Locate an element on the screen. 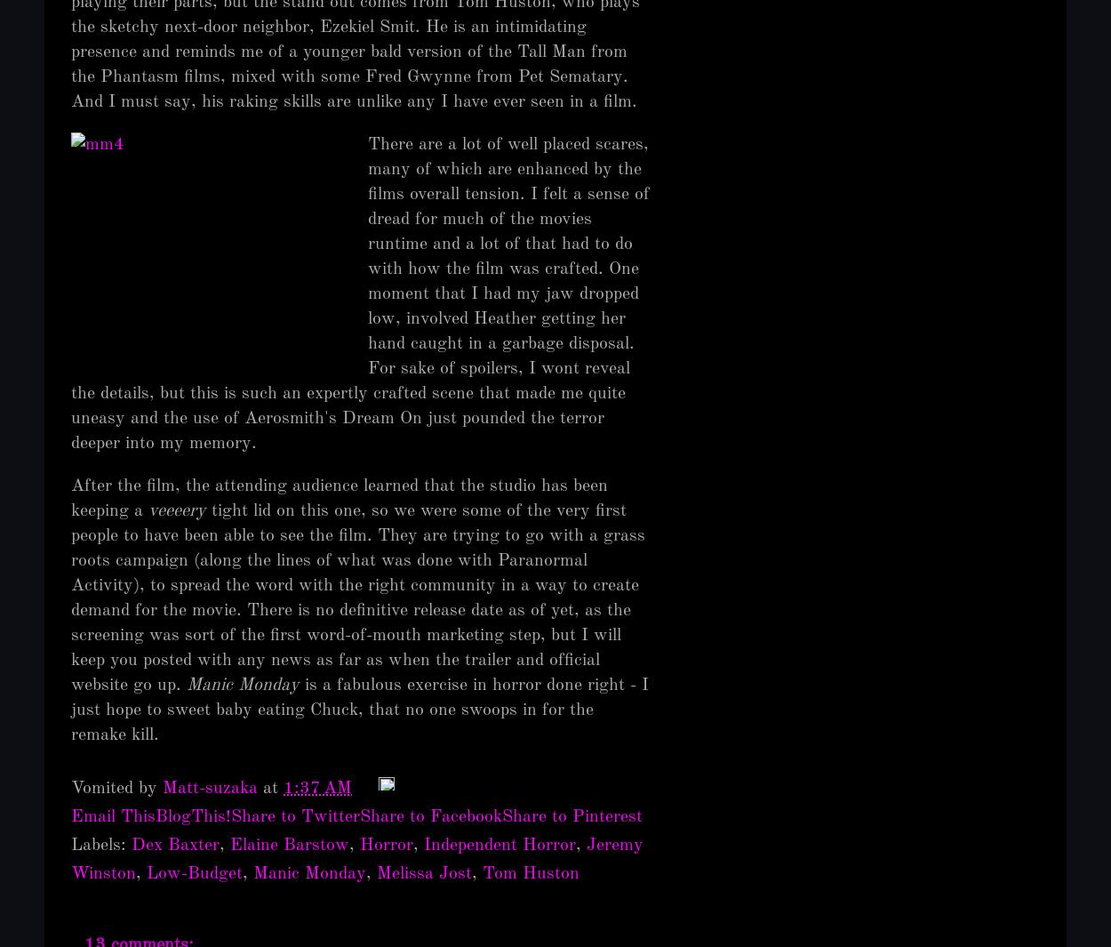 The width and height of the screenshot is (1111, 947). 'BlogThis!' is located at coordinates (156, 816).